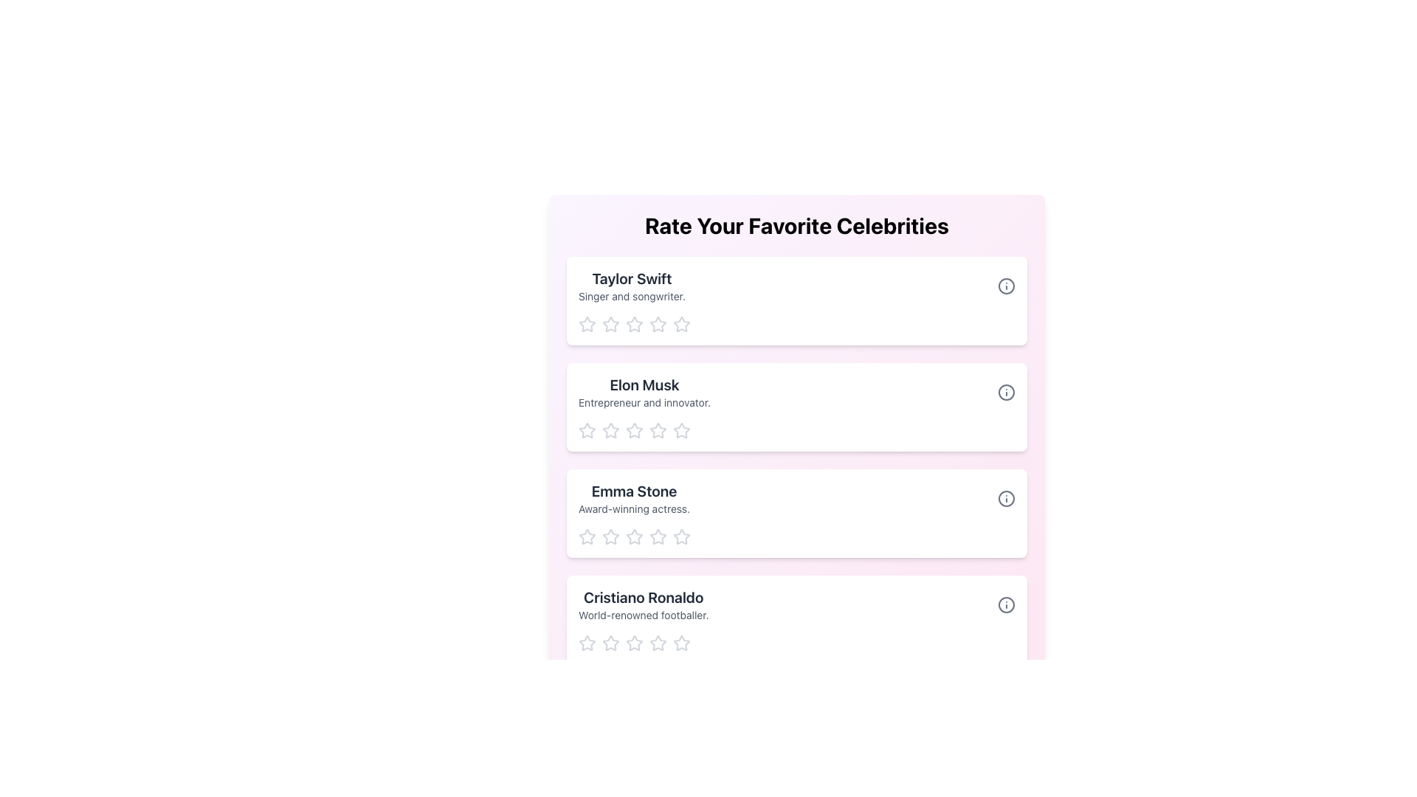 This screenshot has width=1417, height=797. What do you see at coordinates (796, 512) in the screenshot?
I see `the star rating feature of the informational card for Emma Stone, which is the third card in a vertical list` at bounding box center [796, 512].